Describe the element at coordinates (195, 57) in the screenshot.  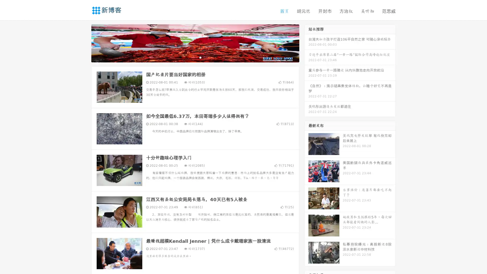
I see `Go to slide 2` at that location.